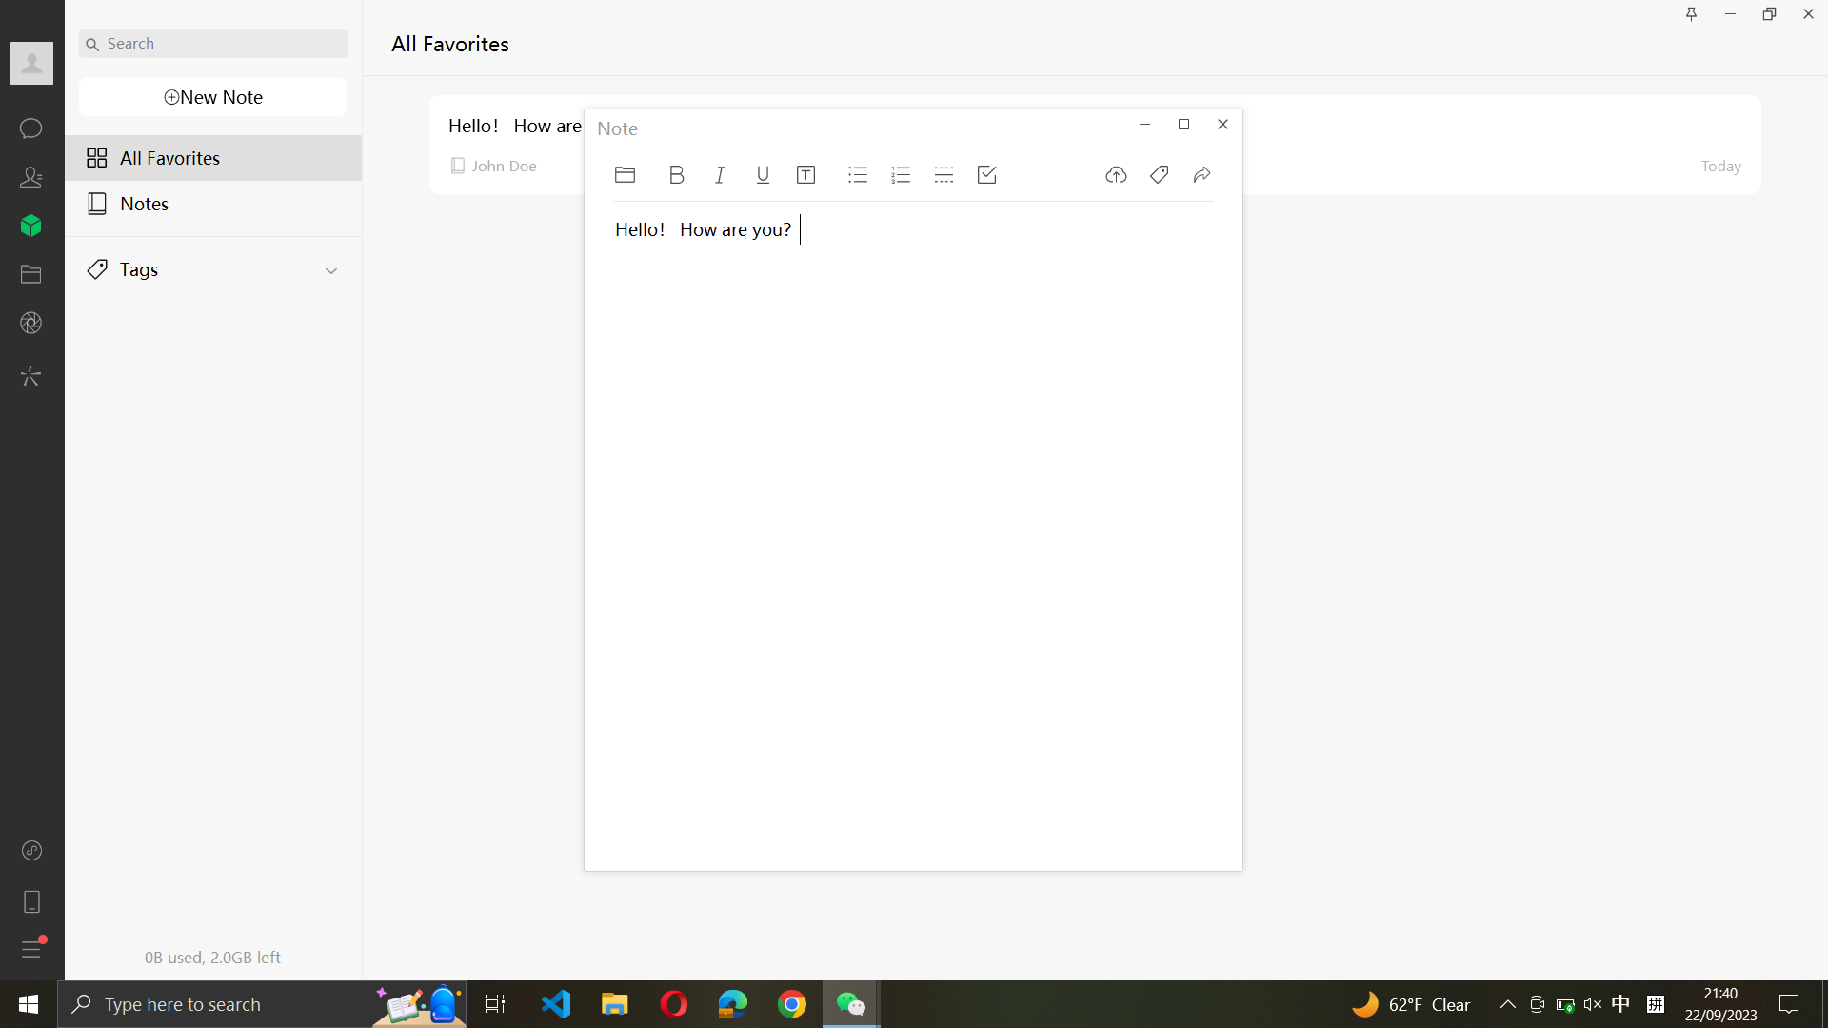 Image resolution: width=1828 pixels, height=1028 pixels. What do you see at coordinates (692, 557) in the screenshot?
I see `Input the word "Goodbye" in the current note and strike out the text` at bounding box center [692, 557].